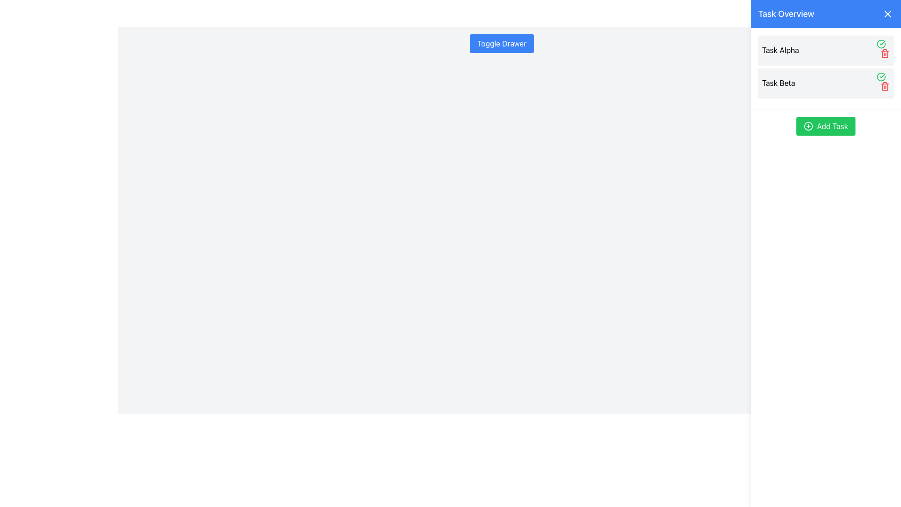 The image size is (901, 507). I want to click on the text label that serves as the title of the second task entry in the 'Task Overview' sidebar, positioned below 'Task Alpha' and above the 'Add Task' button, so click(779, 83).